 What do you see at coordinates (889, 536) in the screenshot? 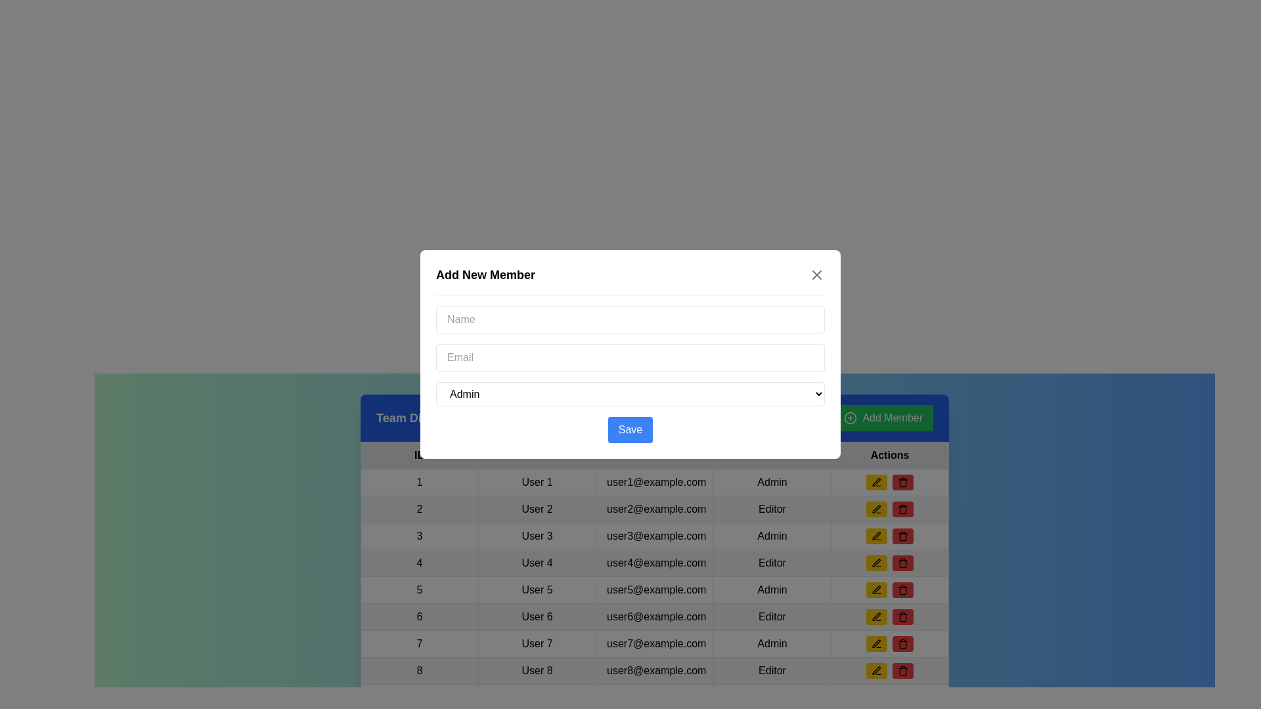
I see `the red rectangular Action button with a trash bin icon in the 'Actions' column for 'User 3' to initiate the delete action` at bounding box center [889, 536].